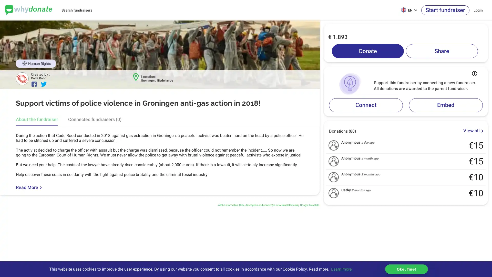 The width and height of the screenshot is (492, 277). I want to click on Connect, so click(365, 105).